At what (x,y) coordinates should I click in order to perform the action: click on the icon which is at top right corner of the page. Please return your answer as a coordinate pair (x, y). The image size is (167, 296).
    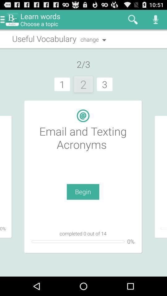
    Looking at the image, I should click on (155, 19).